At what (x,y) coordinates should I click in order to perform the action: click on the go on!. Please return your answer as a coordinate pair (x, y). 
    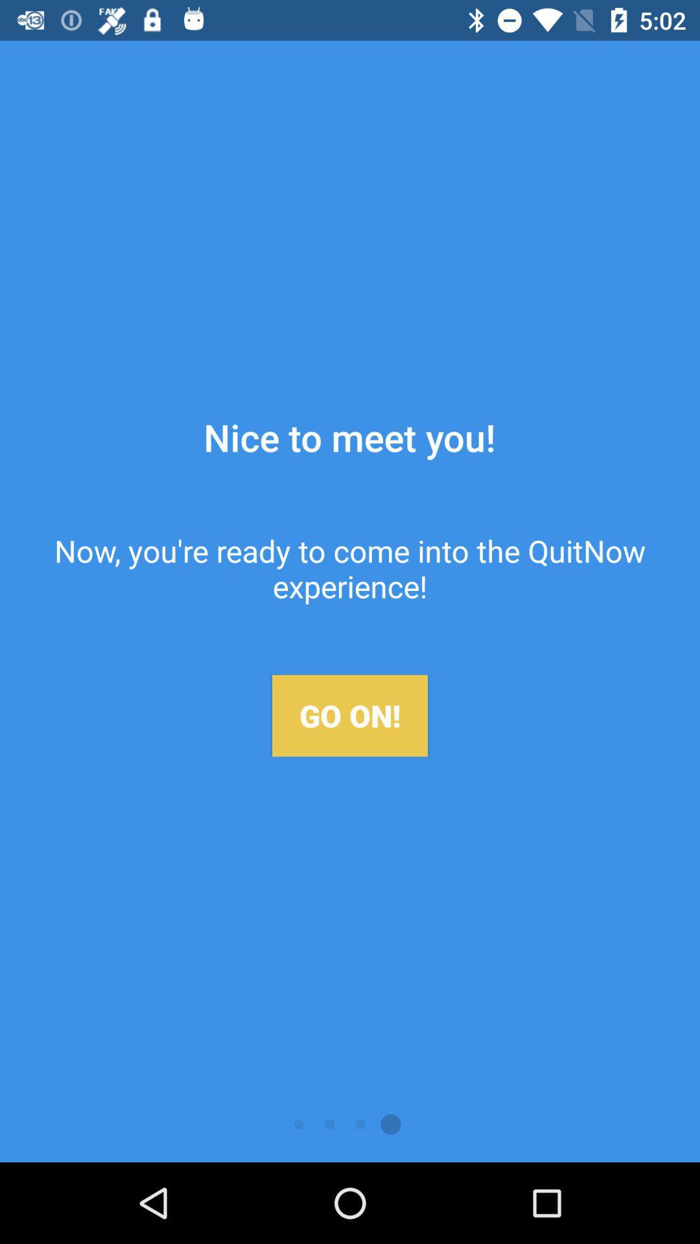
    Looking at the image, I should click on (350, 715).